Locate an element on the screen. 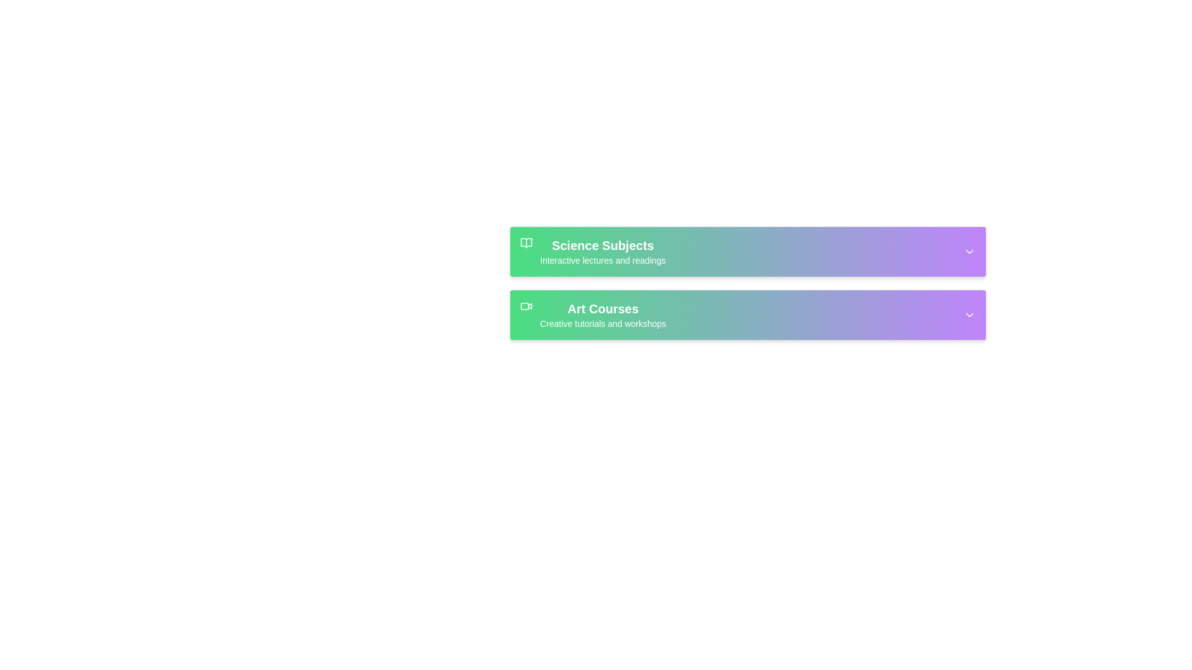 Image resolution: width=1192 pixels, height=670 pixels. the chevron-down icon that serves as a toggle for revealing more options related to 'Science Subjects' for keyboard navigation is located at coordinates (968, 251).